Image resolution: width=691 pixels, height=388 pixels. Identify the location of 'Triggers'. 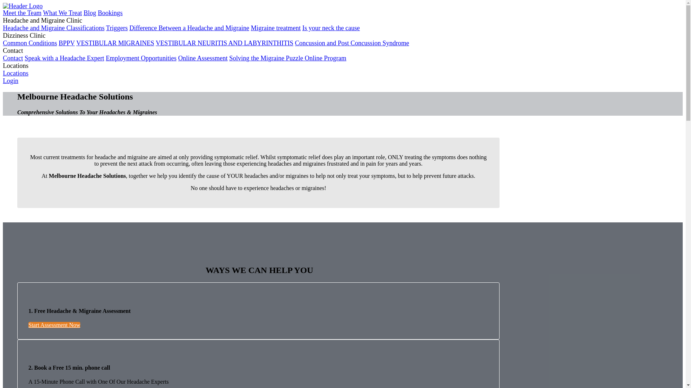
(117, 27).